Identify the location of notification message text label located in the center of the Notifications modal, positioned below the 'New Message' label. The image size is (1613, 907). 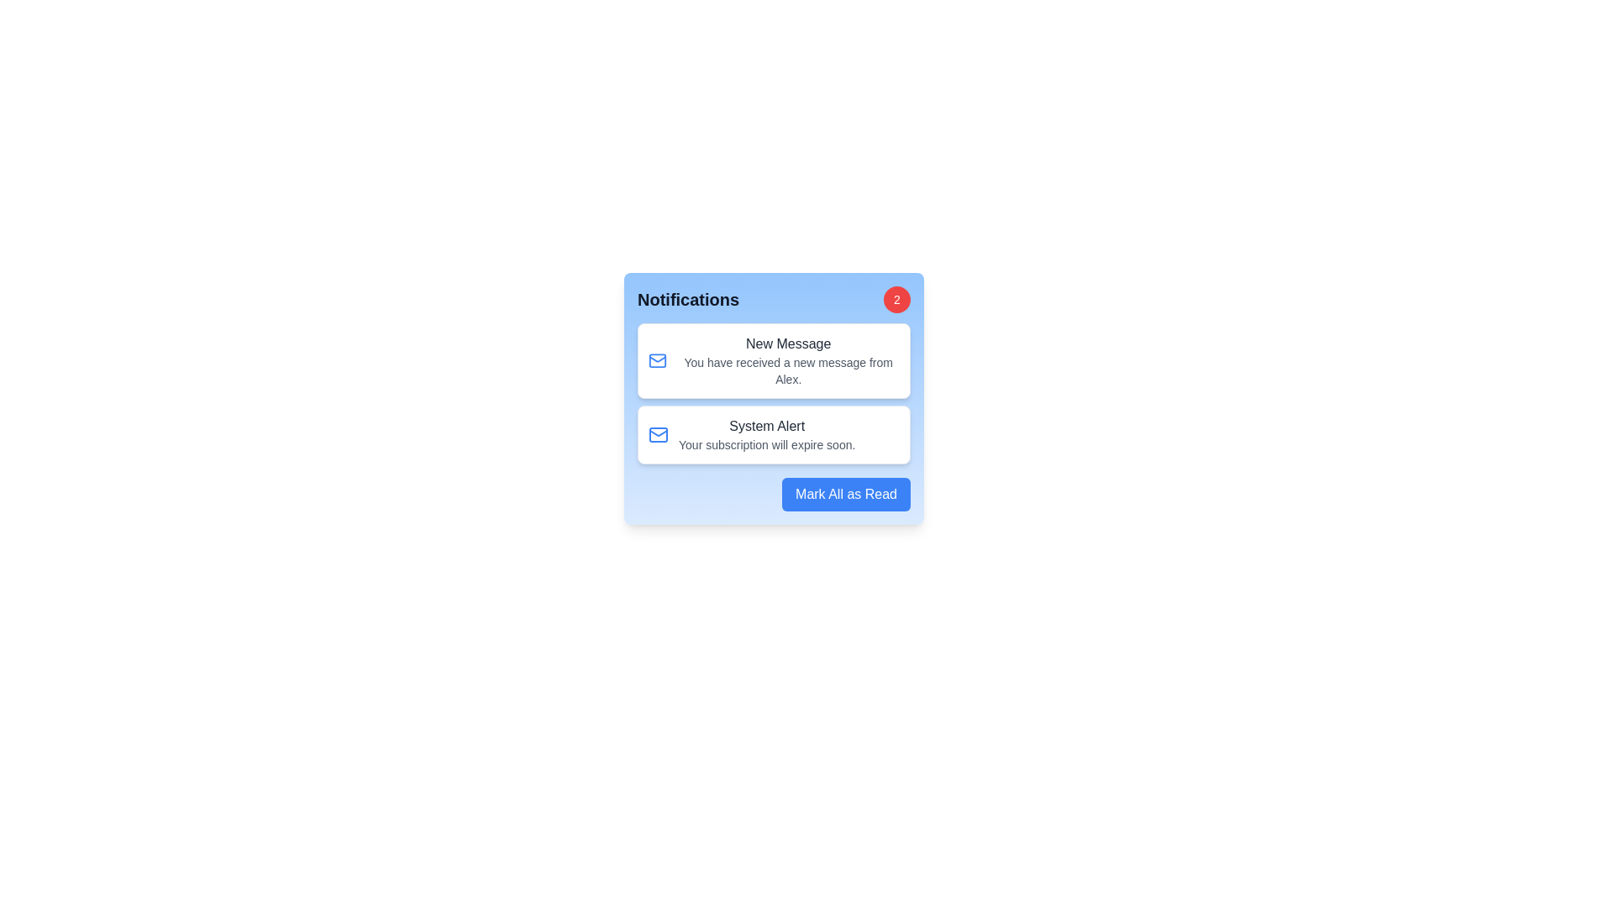
(787, 370).